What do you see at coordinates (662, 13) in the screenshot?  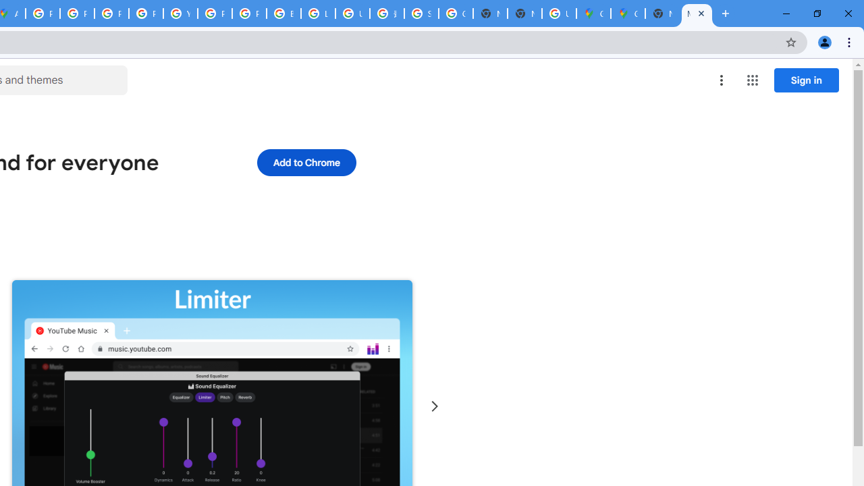 I see `'New Tab'` at bounding box center [662, 13].